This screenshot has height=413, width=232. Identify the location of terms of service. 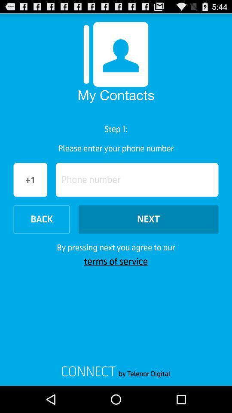
(116, 261).